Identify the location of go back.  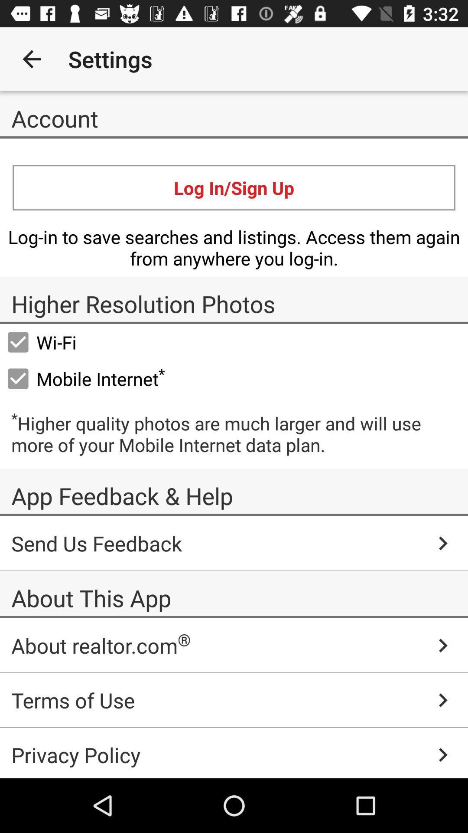
(31, 59).